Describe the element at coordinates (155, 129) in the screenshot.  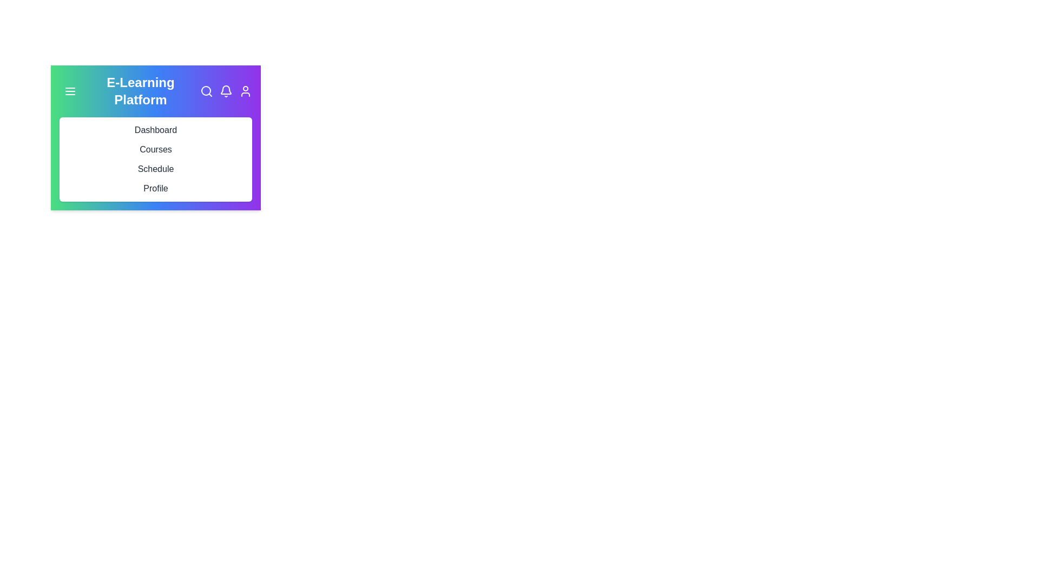
I see `the menu item corresponding to Dashboard` at that location.